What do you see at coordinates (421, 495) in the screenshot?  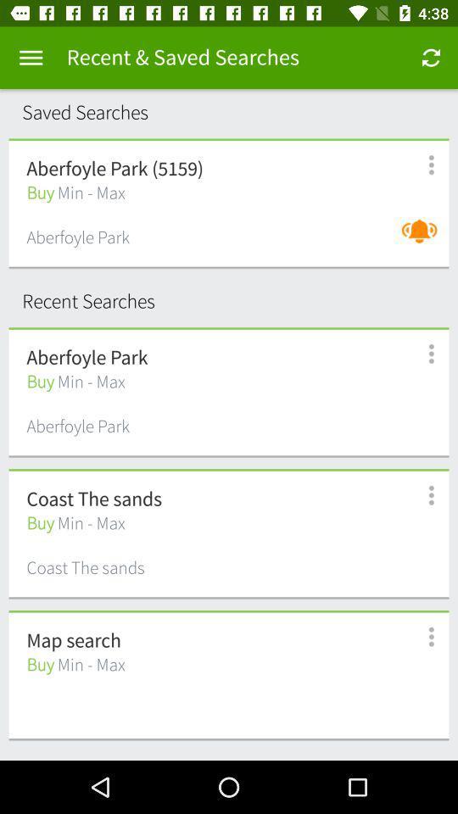 I see `more information` at bounding box center [421, 495].